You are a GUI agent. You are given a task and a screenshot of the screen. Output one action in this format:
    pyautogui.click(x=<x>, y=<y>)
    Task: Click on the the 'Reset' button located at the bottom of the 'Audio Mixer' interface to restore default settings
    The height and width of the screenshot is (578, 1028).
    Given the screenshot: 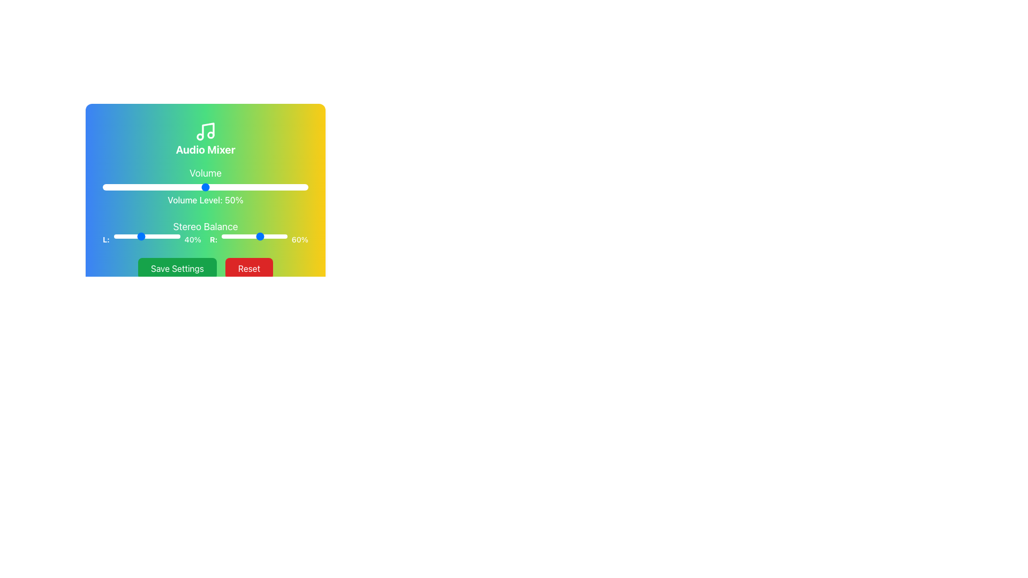 What is the action you would take?
    pyautogui.click(x=206, y=268)
    